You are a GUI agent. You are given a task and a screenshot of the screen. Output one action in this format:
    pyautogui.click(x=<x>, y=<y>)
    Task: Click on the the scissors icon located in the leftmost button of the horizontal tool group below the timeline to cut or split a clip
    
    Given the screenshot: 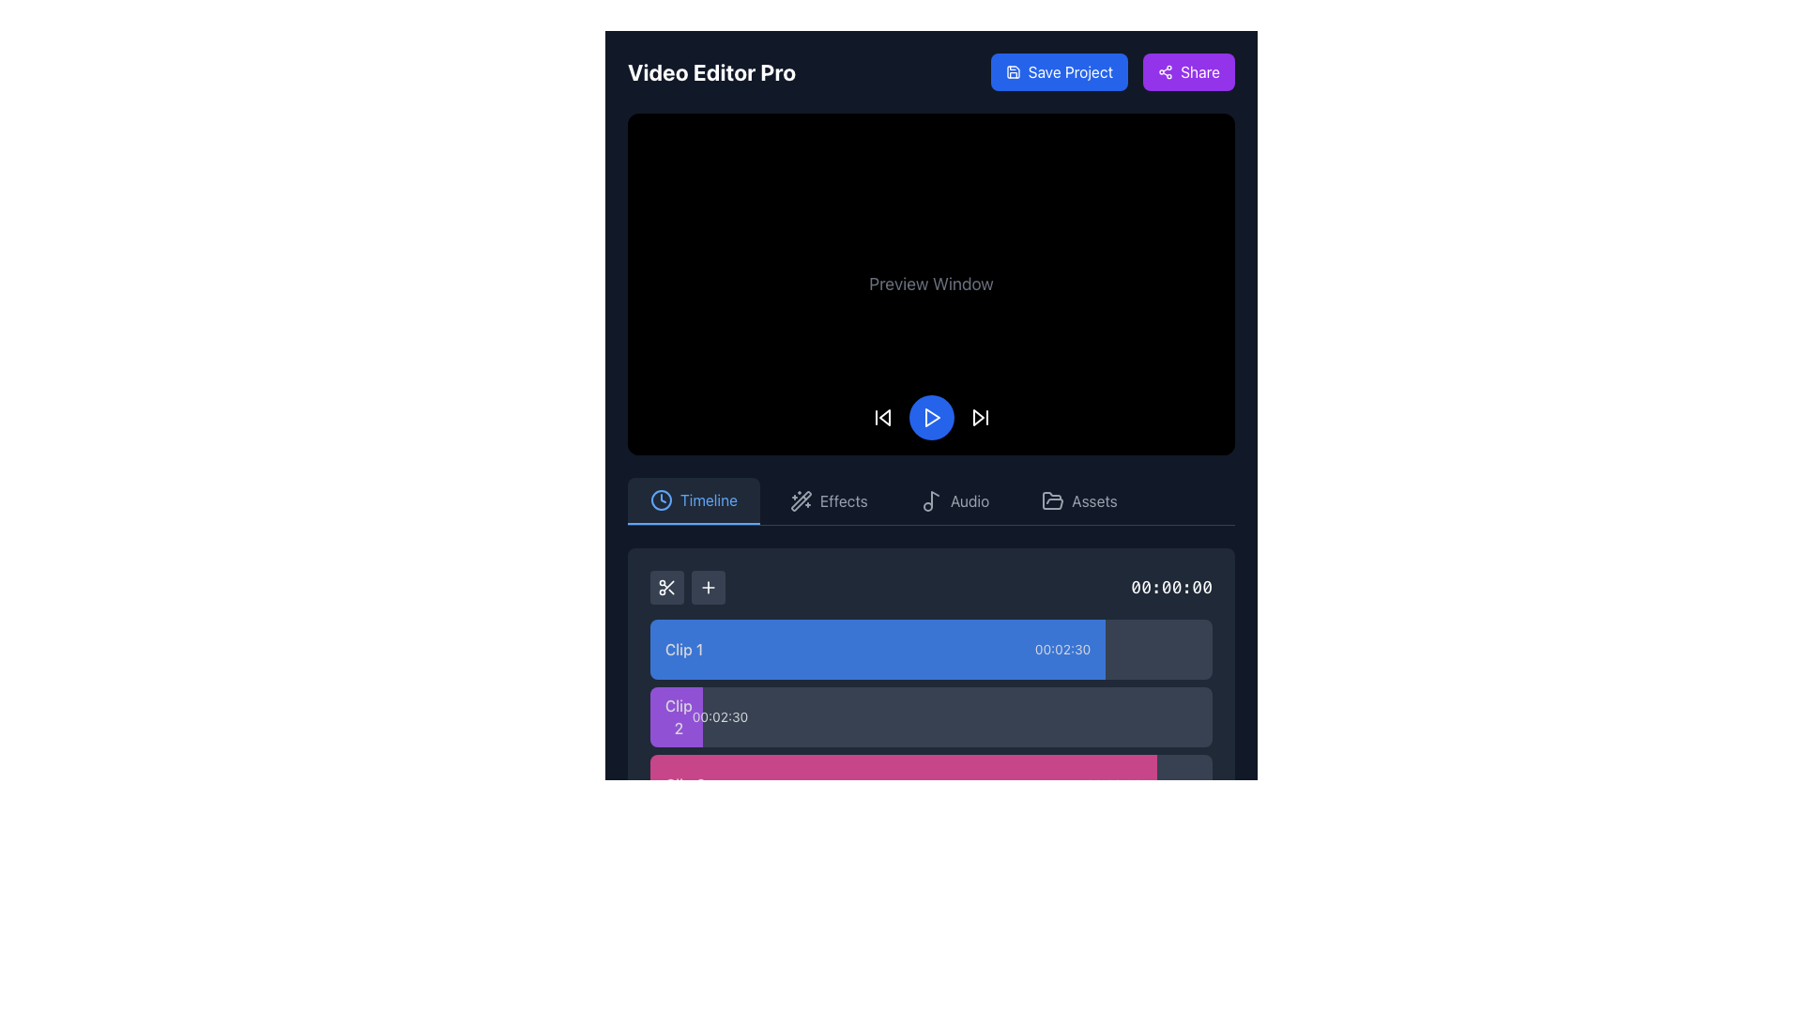 What is the action you would take?
    pyautogui.click(x=666, y=585)
    